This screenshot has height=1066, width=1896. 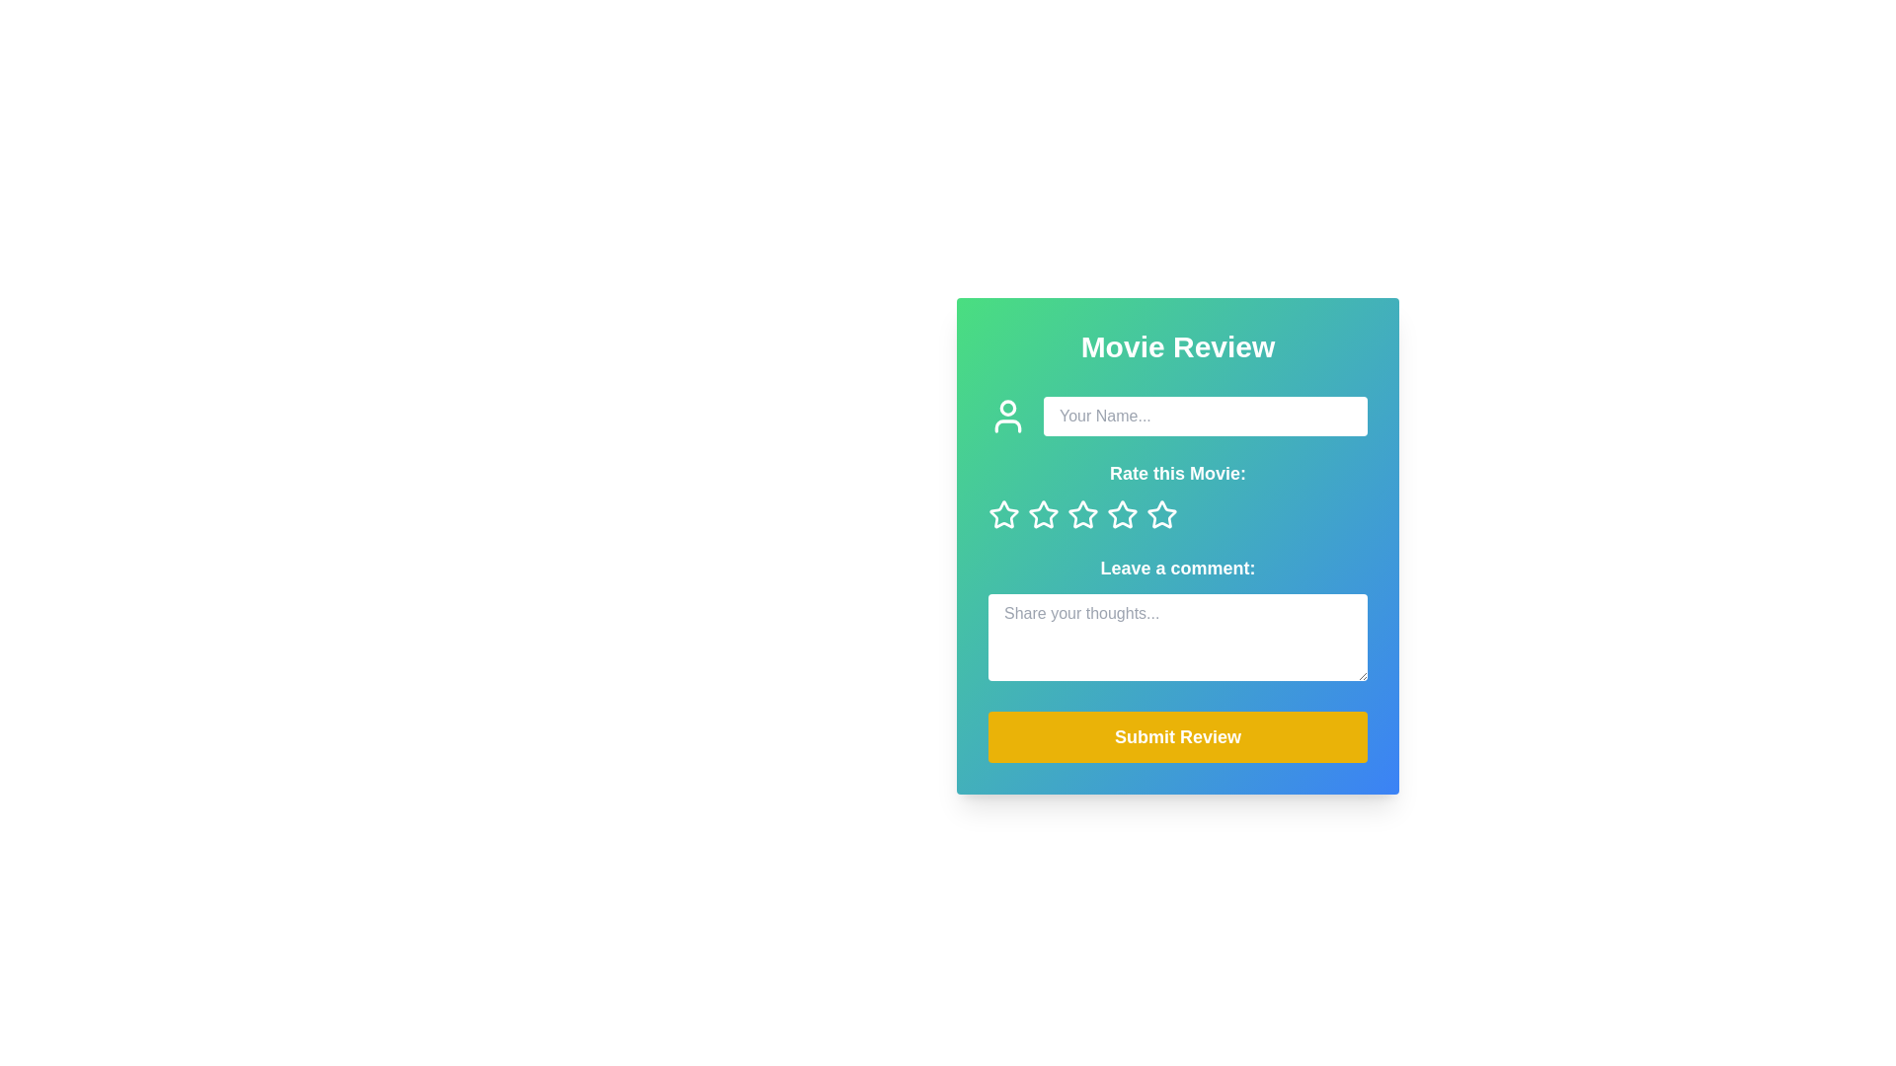 What do you see at coordinates (1042, 513) in the screenshot?
I see `the second star in the rating row within the 'Rate this Movie' section` at bounding box center [1042, 513].